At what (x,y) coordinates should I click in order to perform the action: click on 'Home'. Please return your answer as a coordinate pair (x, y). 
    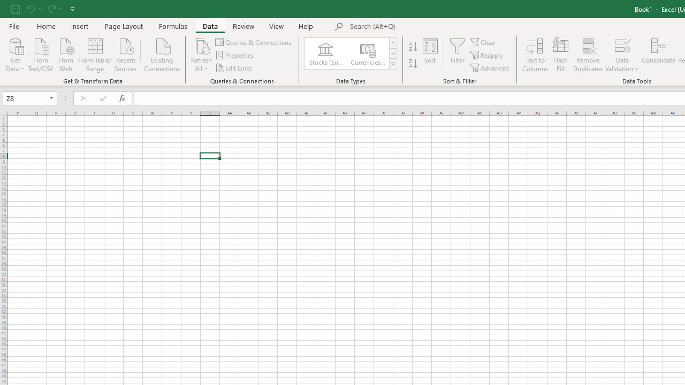
    Looking at the image, I should click on (45, 26).